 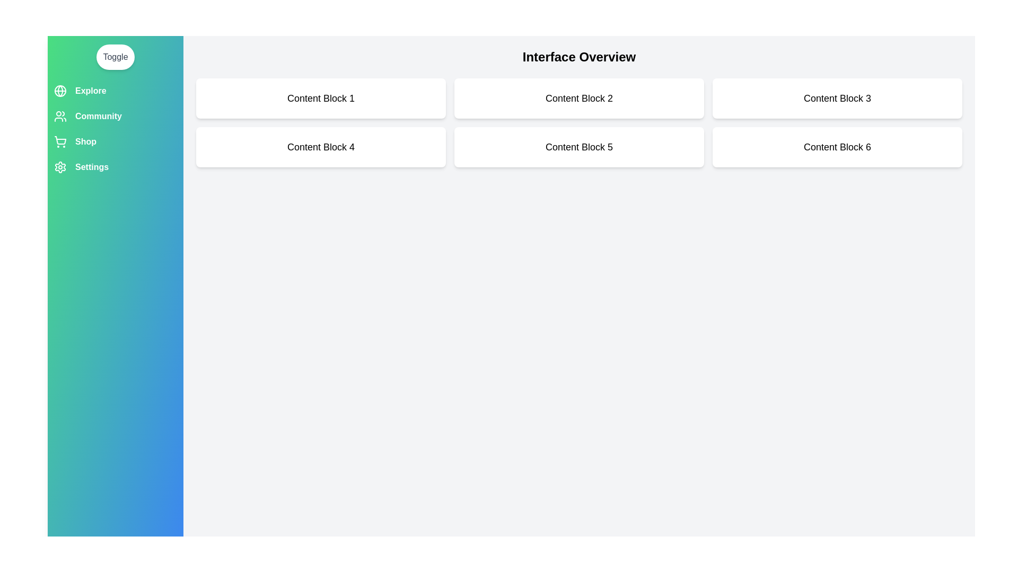 I want to click on the menu option labeled Settings in the drawer, so click(x=115, y=167).